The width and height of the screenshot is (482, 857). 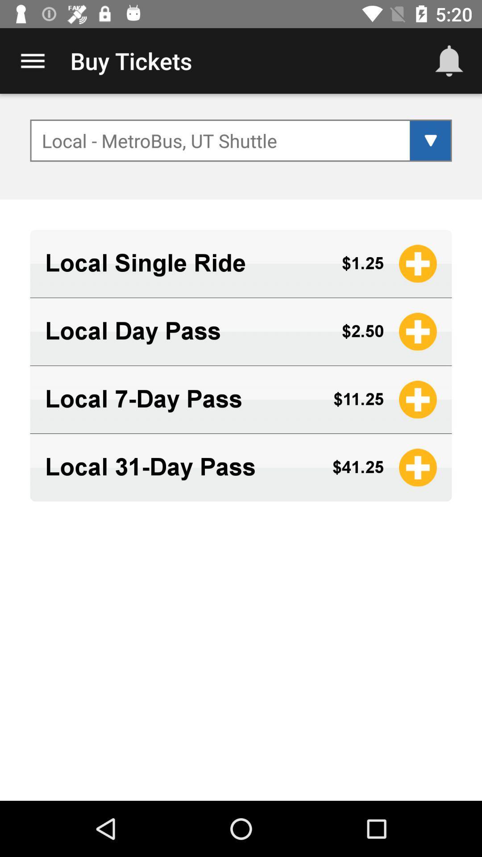 I want to click on the $2.50 app, so click(x=363, y=331).